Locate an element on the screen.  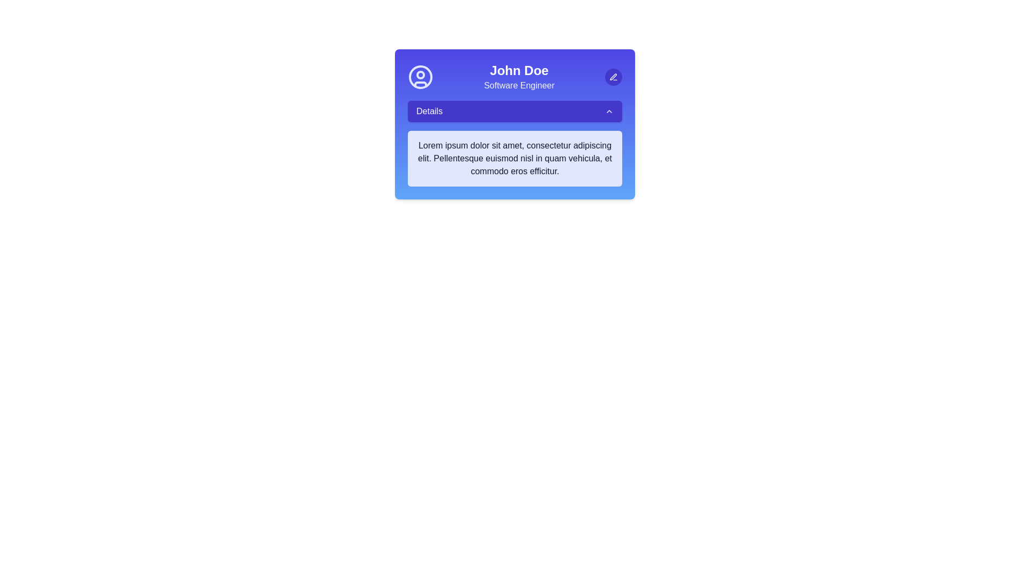
the text label that reads 'Software Engineer', which is displayed in a smaller gray font below the title 'John Doe' within a card layout is located at coordinates (519, 85).